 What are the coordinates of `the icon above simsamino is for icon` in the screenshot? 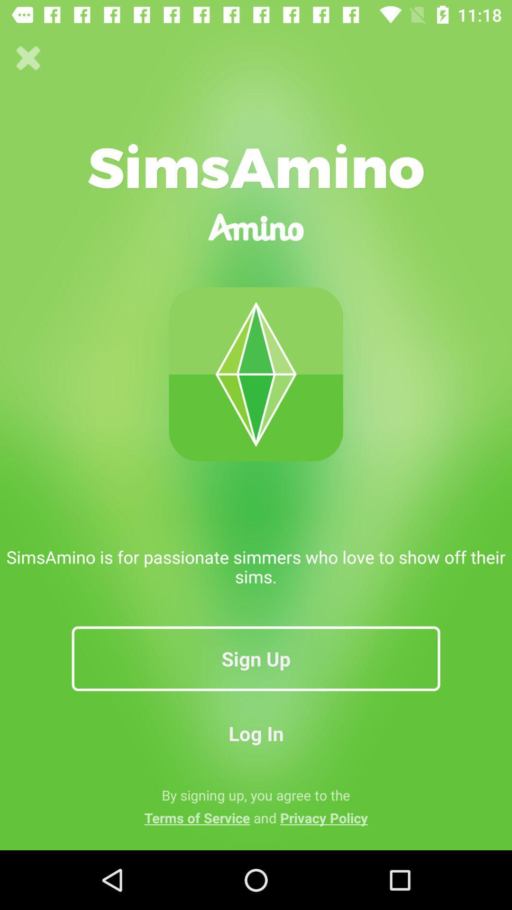 It's located at (28, 58).